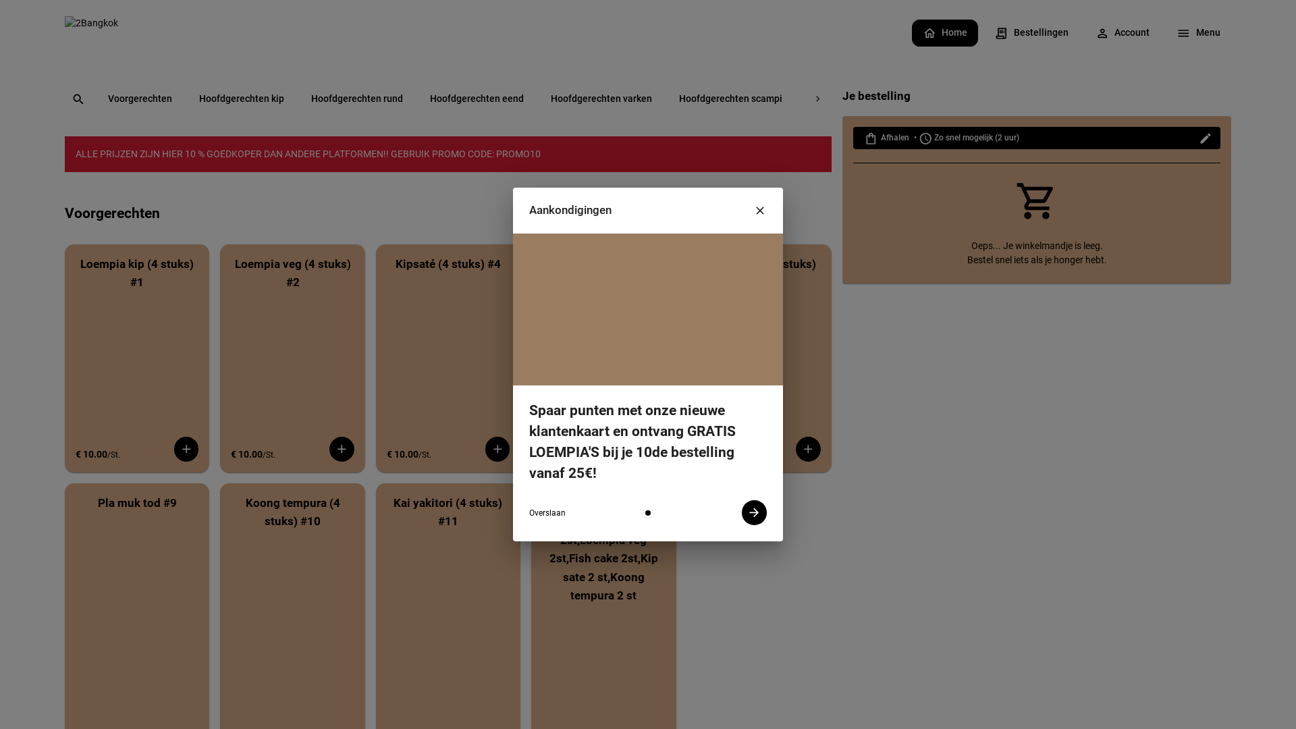  Describe the element at coordinates (1085, 34) in the screenshot. I see `'Account'` at that location.